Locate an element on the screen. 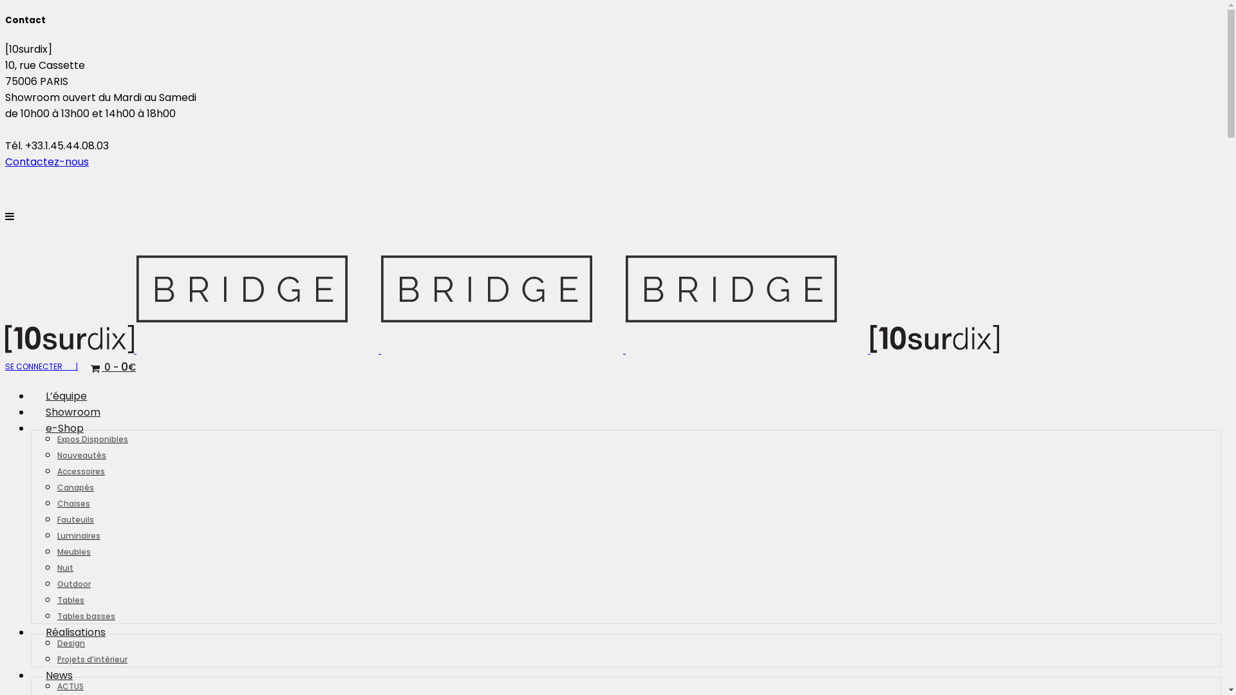  'SE CONNECTER       |' is located at coordinates (41, 366).